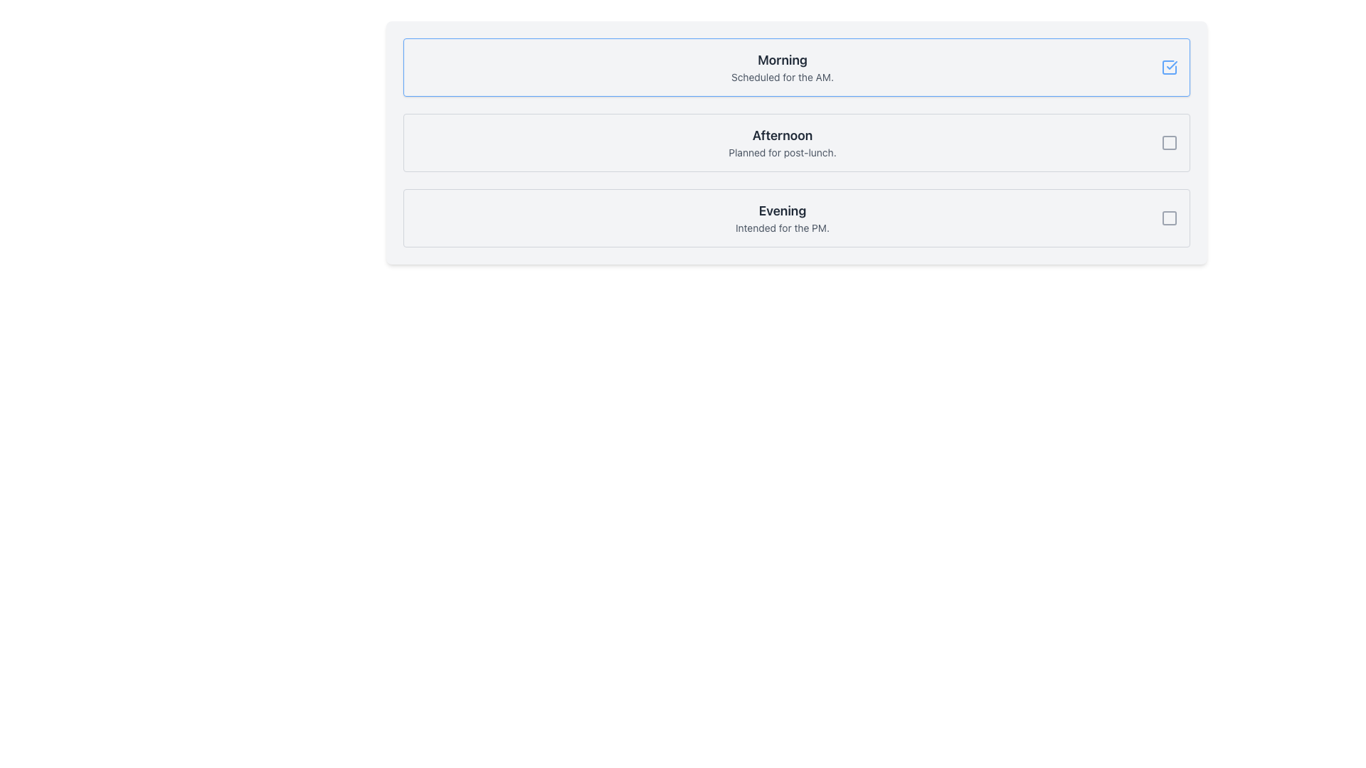 The image size is (1366, 768). What do you see at coordinates (1169, 218) in the screenshot?
I see `the checkbox at the far right of the 'Evening' row in the vertical list` at bounding box center [1169, 218].